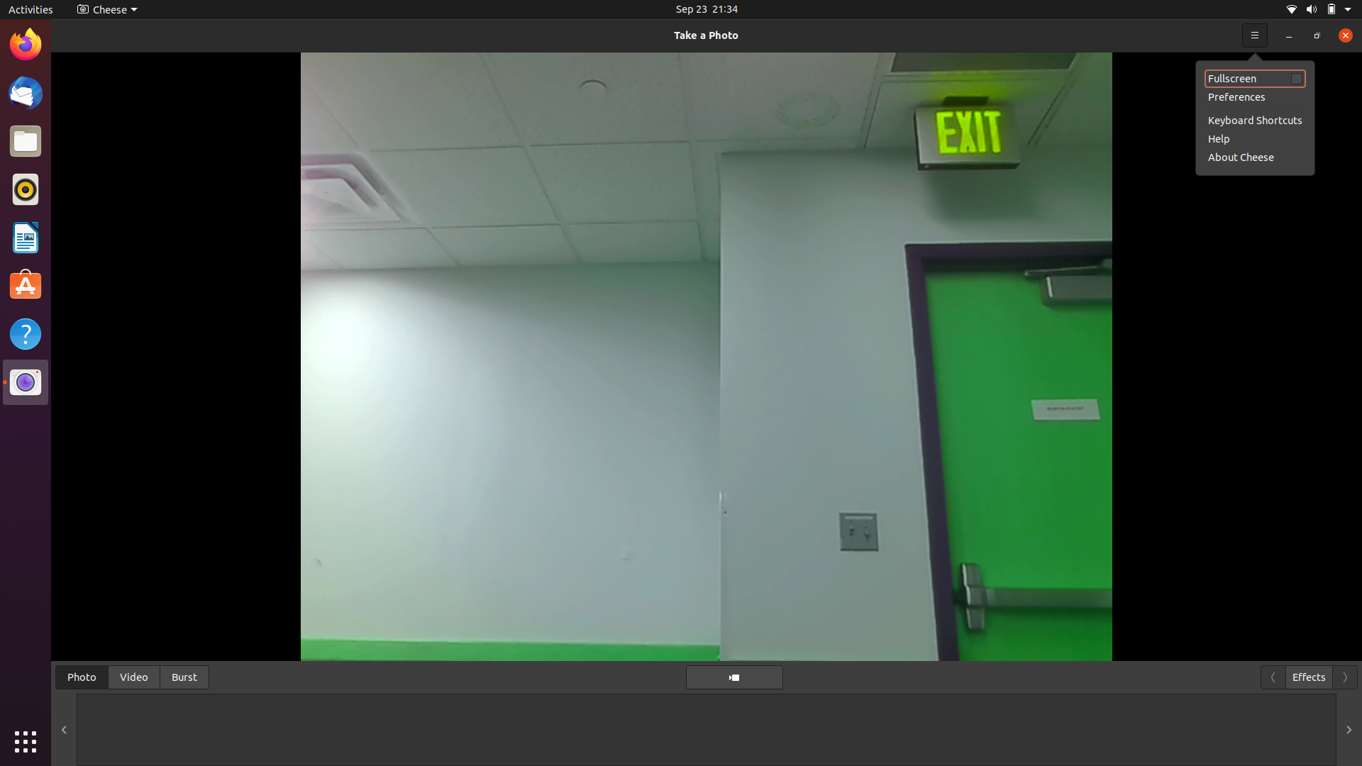  Describe the element at coordinates (1316, 35) in the screenshot. I see `Adjust the display to cover the entire screen` at that location.